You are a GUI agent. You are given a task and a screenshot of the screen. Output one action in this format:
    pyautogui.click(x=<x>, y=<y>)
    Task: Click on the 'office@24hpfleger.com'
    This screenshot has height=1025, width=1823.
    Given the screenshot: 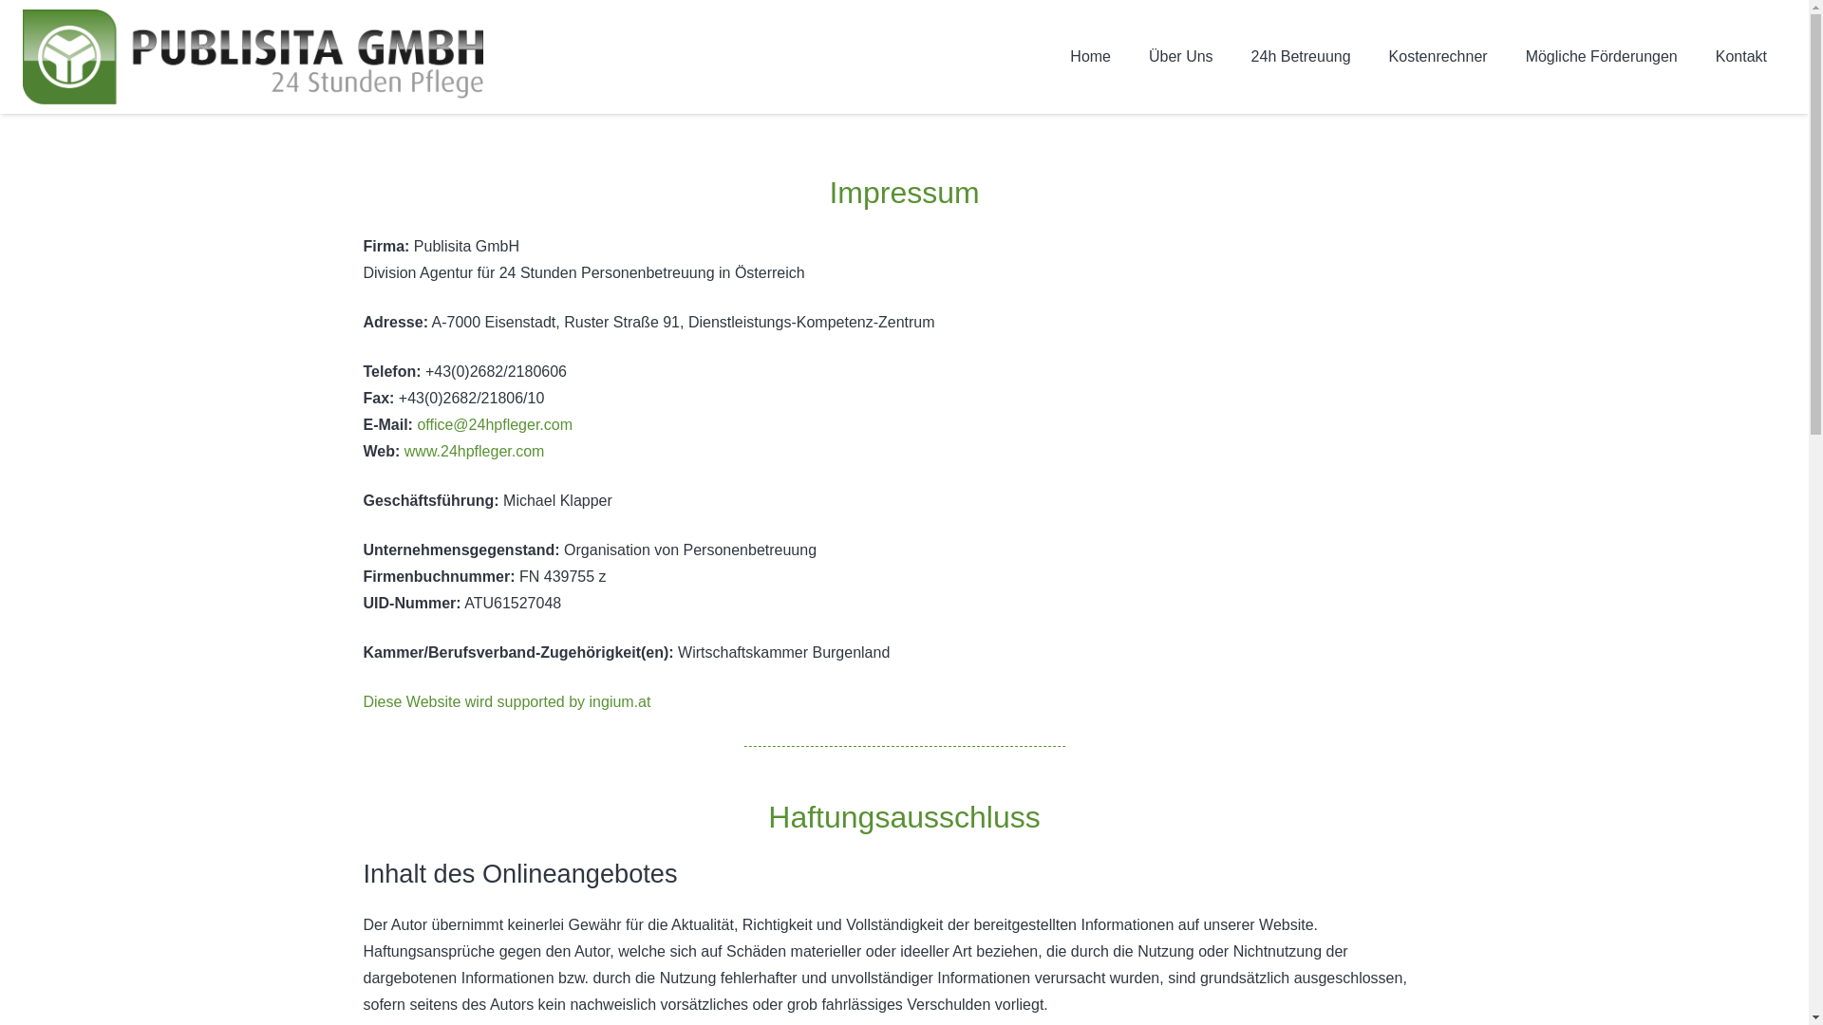 What is the action you would take?
    pyautogui.click(x=495, y=423)
    